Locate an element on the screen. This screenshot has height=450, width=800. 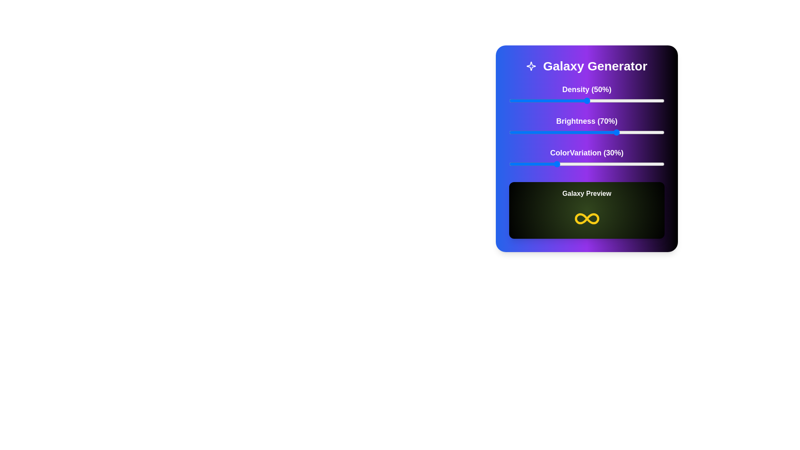
the 'Galaxy Generator' title to focus on it is located at coordinates (586, 65).